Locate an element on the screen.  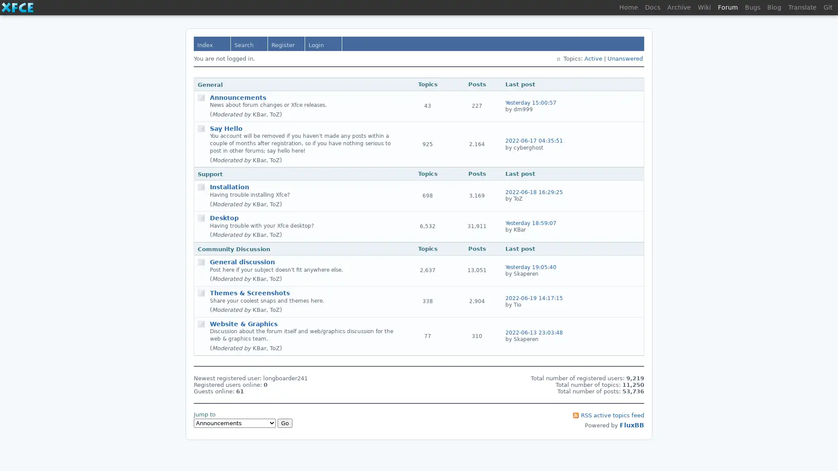
Go is located at coordinates (285, 422).